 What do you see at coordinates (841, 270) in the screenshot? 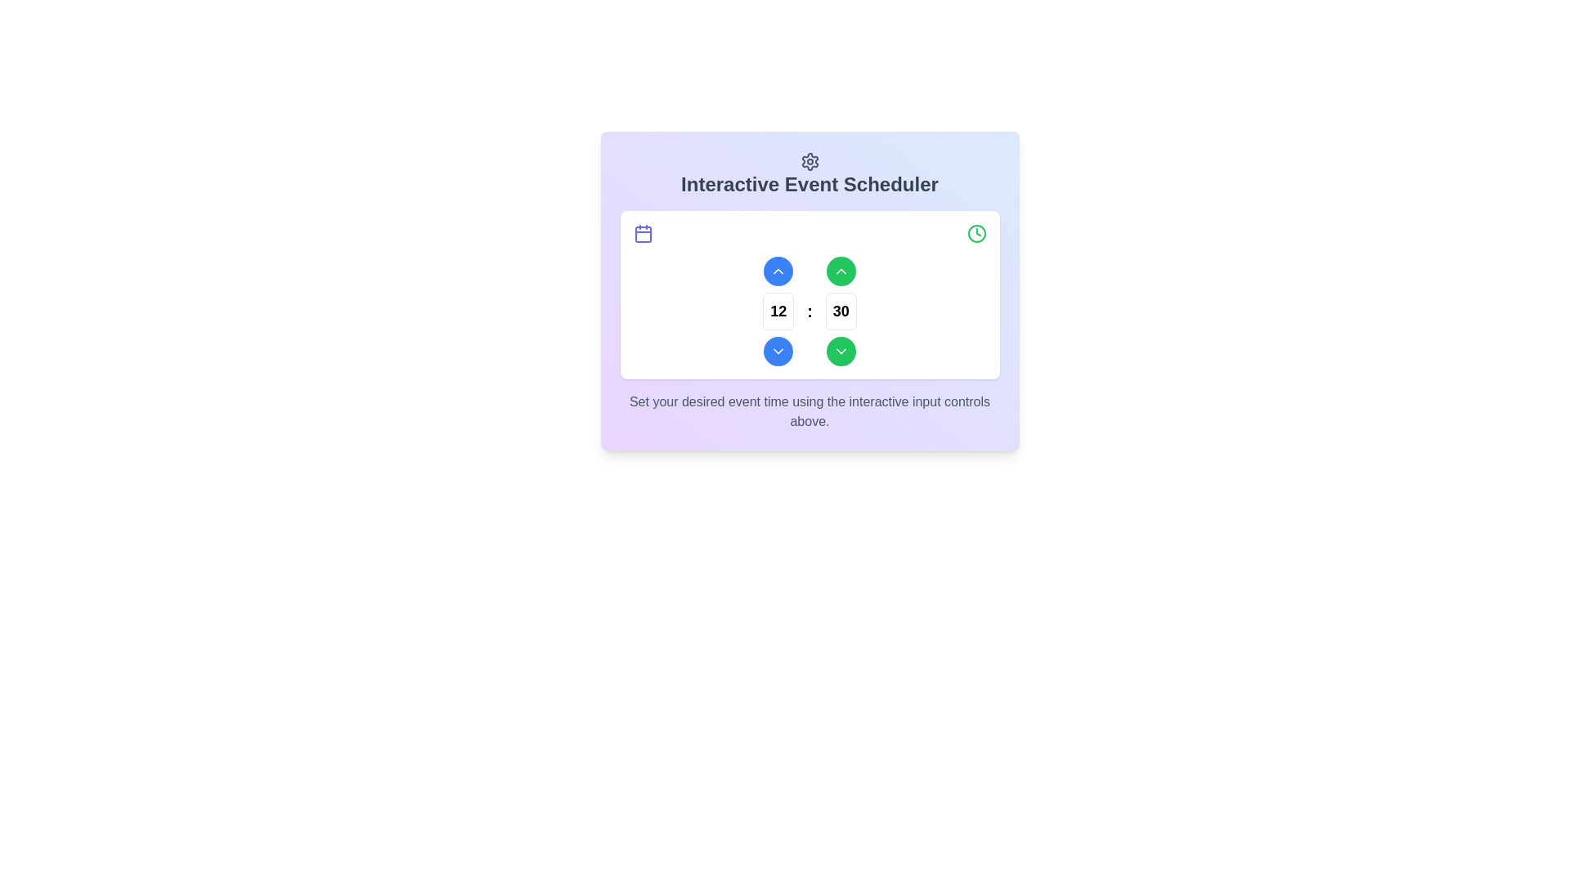
I see `the upward-pointing chevron icon, which is a white SVG graphical icon enclosed within a green circular button located at the top-right corner of the main time input interface, to increment the value` at bounding box center [841, 270].